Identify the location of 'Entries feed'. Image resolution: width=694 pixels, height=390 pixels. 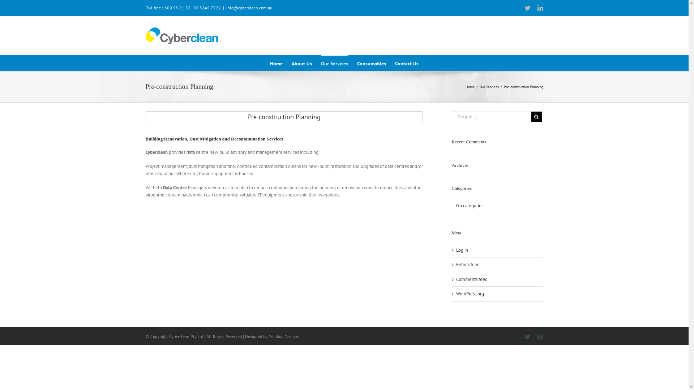
(468, 264).